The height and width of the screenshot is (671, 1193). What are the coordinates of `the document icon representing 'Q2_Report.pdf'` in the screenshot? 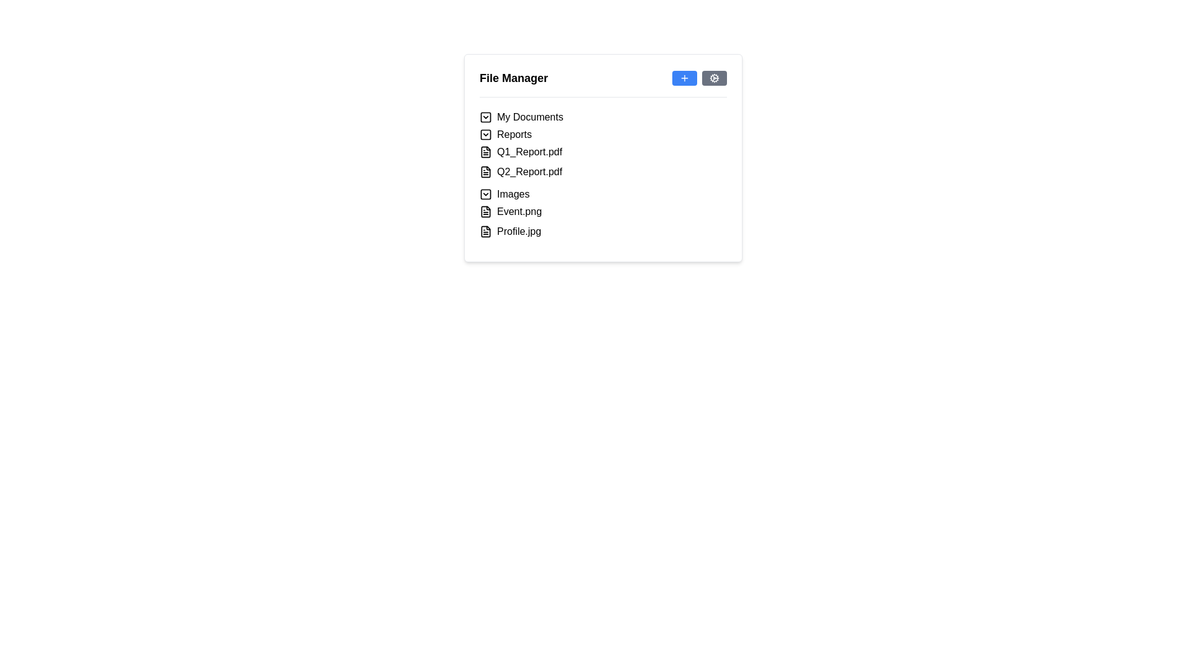 It's located at (485, 172).